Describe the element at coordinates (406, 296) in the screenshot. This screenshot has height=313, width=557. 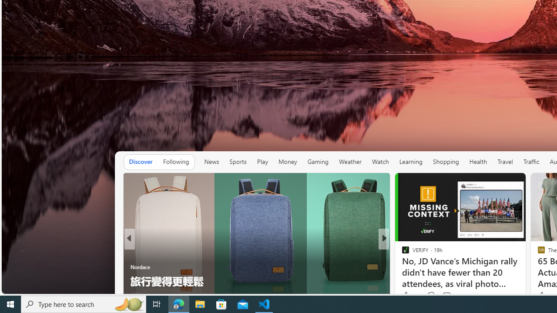
I see `'1k Like'` at that location.